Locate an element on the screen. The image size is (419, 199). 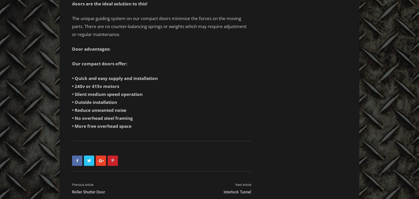
'• More free overhead space' is located at coordinates (102, 126).